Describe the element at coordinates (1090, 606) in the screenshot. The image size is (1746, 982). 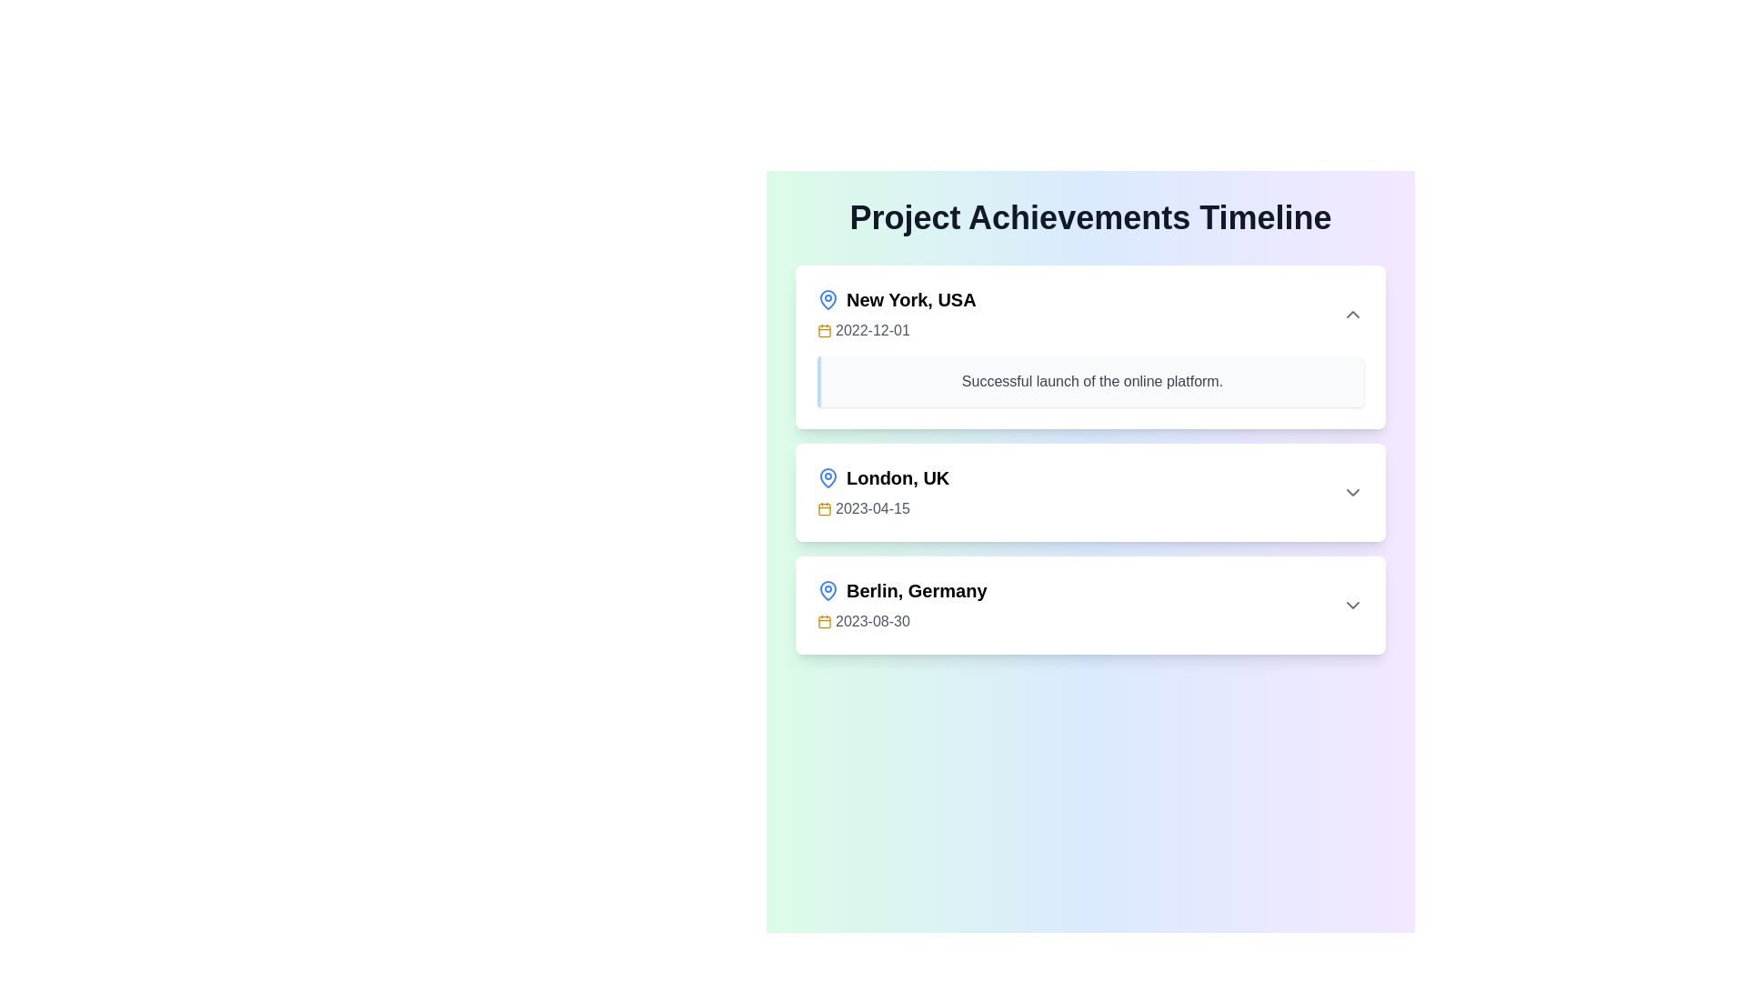
I see `information contained in the event entry for "Berlin, Germany" dated "2023-08-30", which is the third entry in a vertical list of event items` at that location.